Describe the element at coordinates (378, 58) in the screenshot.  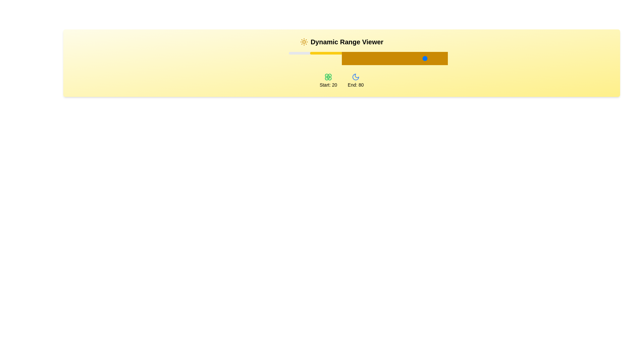
I see `the slider value` at that location.